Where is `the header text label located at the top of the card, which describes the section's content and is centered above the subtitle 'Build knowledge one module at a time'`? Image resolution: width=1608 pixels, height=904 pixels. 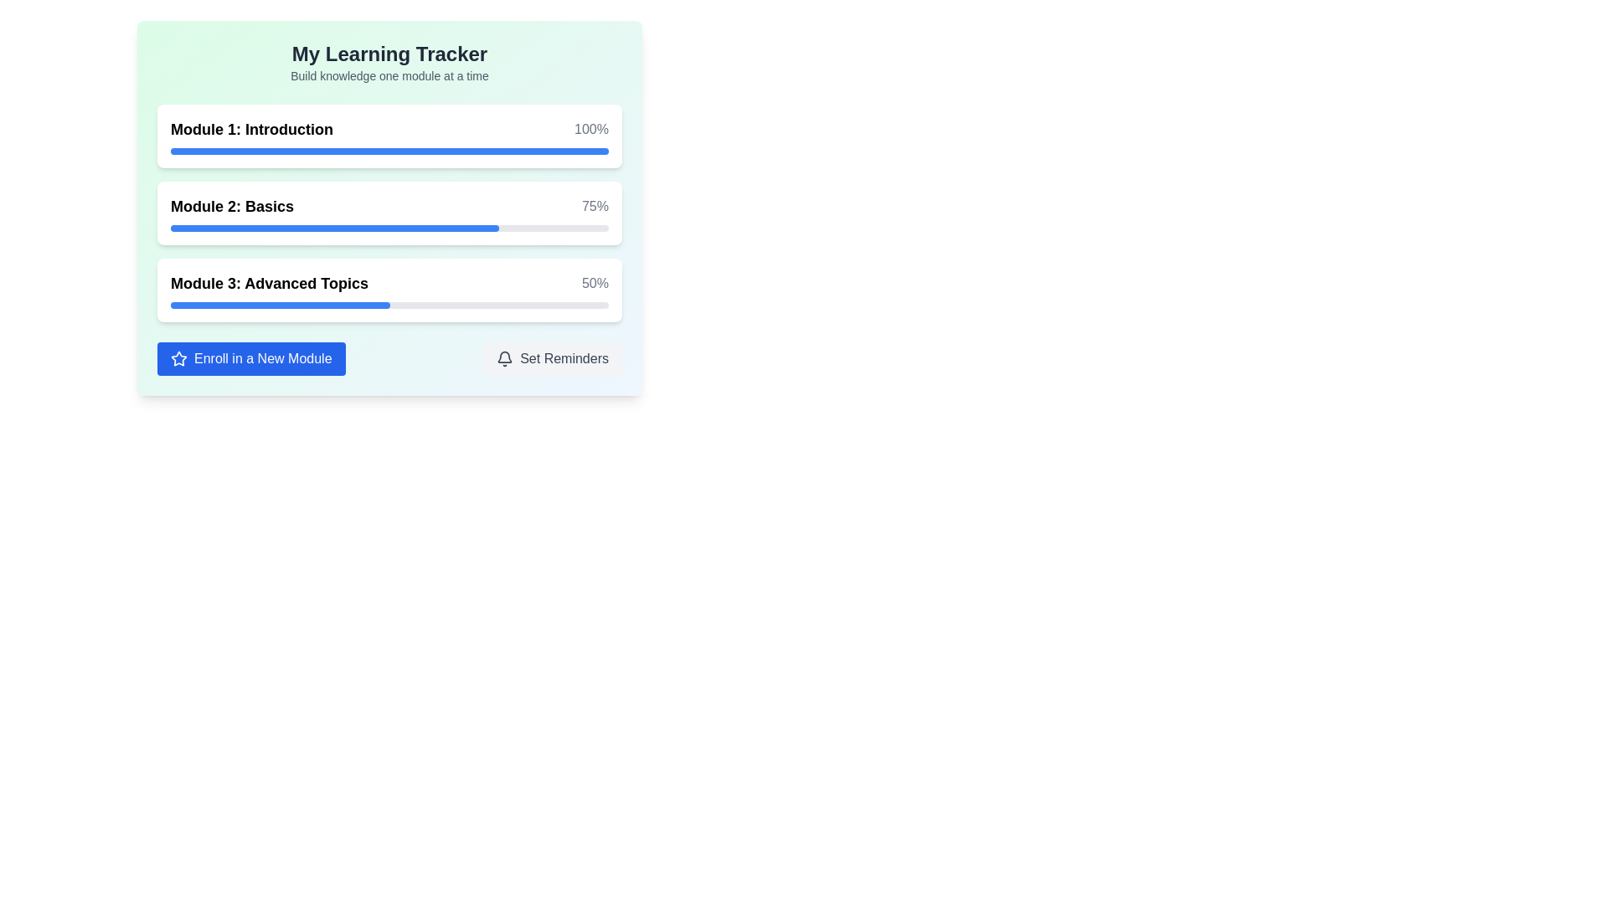
the header text label located at the top of the card, which describes the section's content and is centered above the subtitle 'Build knowledge one module at a time' is located at coordinates (389, 54).